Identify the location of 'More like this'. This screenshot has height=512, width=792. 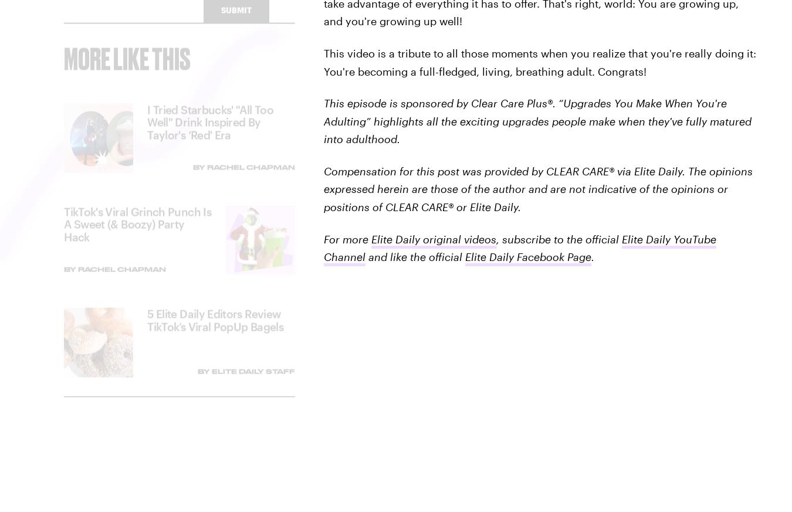
(127, 67).